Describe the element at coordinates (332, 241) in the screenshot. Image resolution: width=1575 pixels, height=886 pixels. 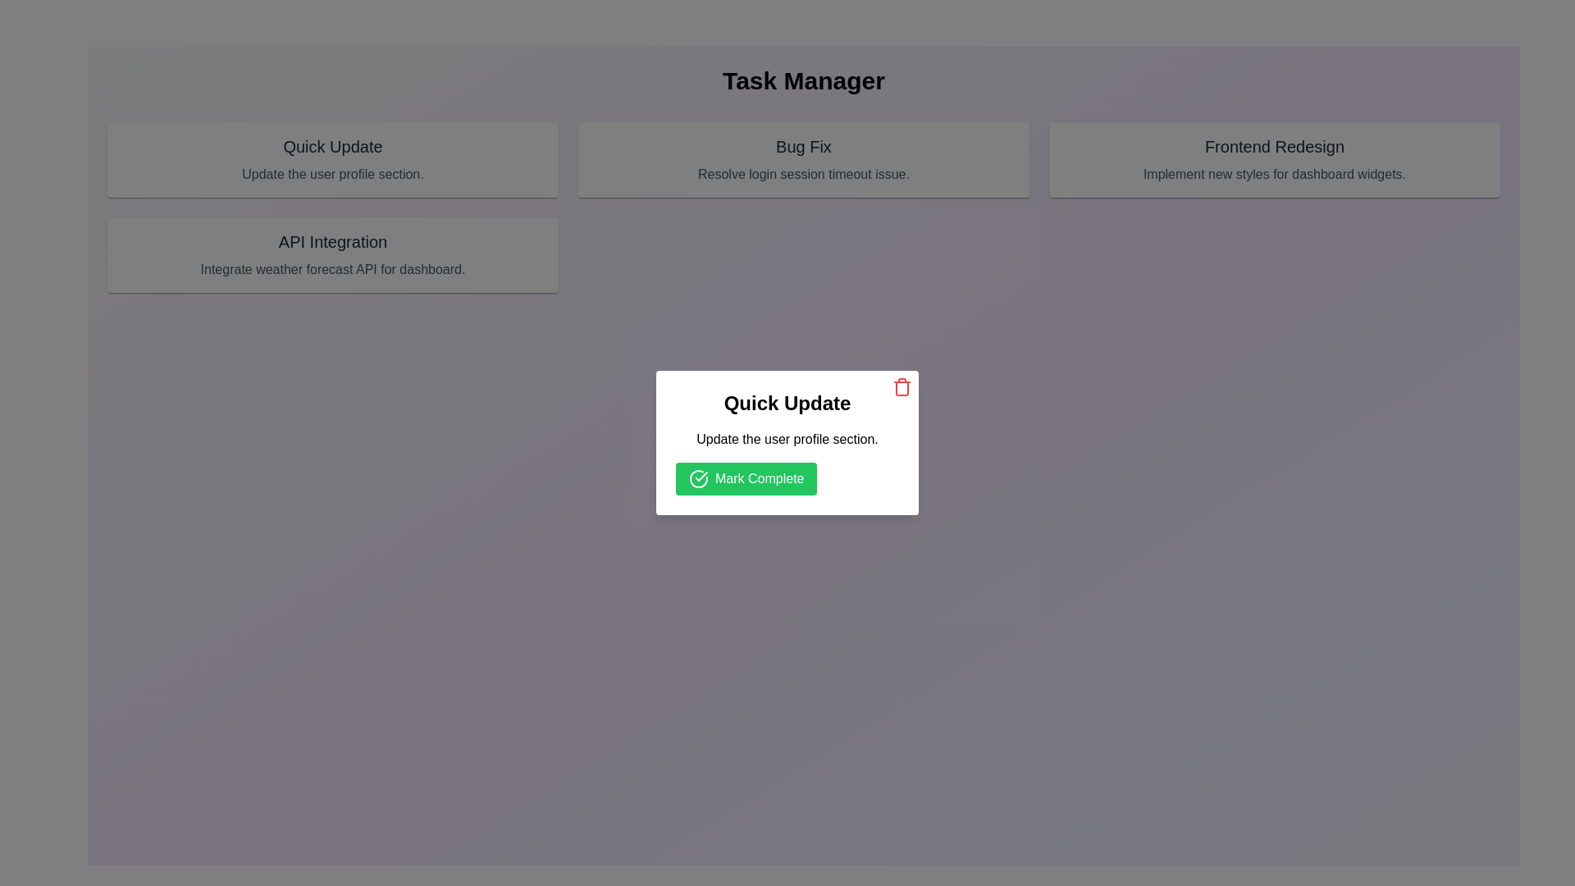
I see `the 'API Integration' label, which is styled in bold medium font and located under the 'Task Manager' title in the middle card of three` at that location.